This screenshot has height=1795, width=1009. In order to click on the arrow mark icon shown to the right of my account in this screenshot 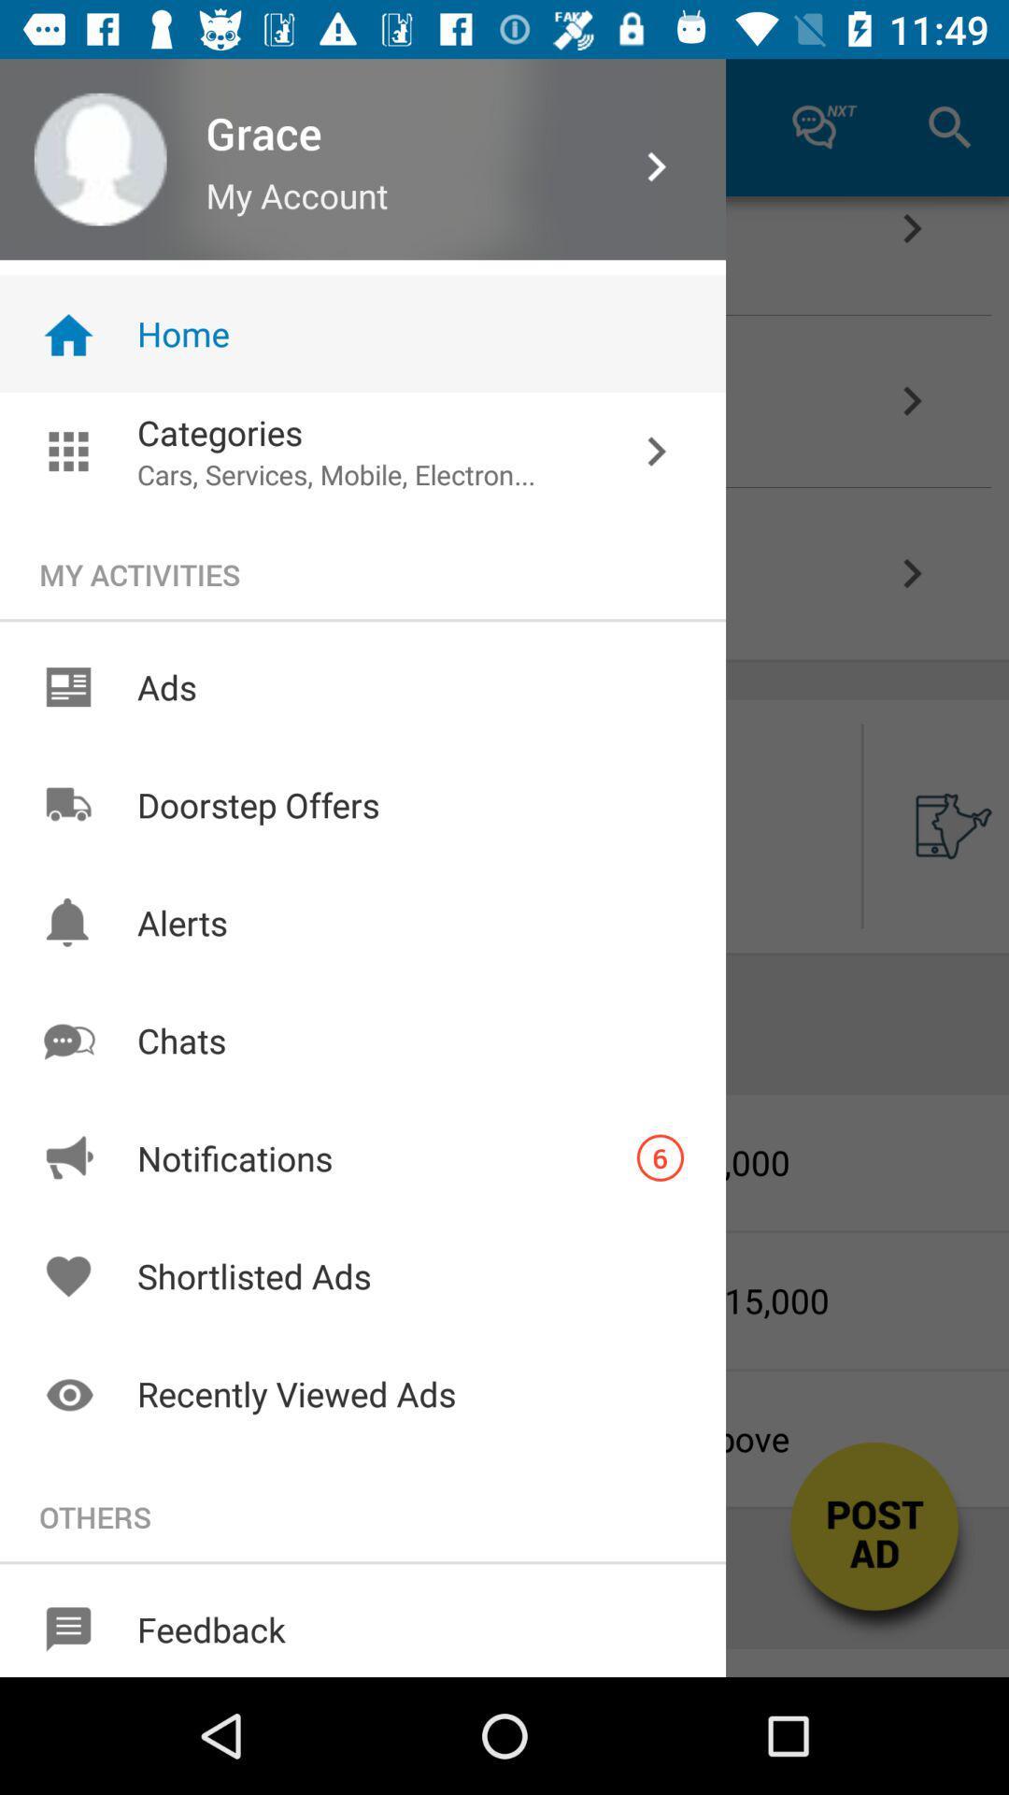, I will do `click(656, 166)`.